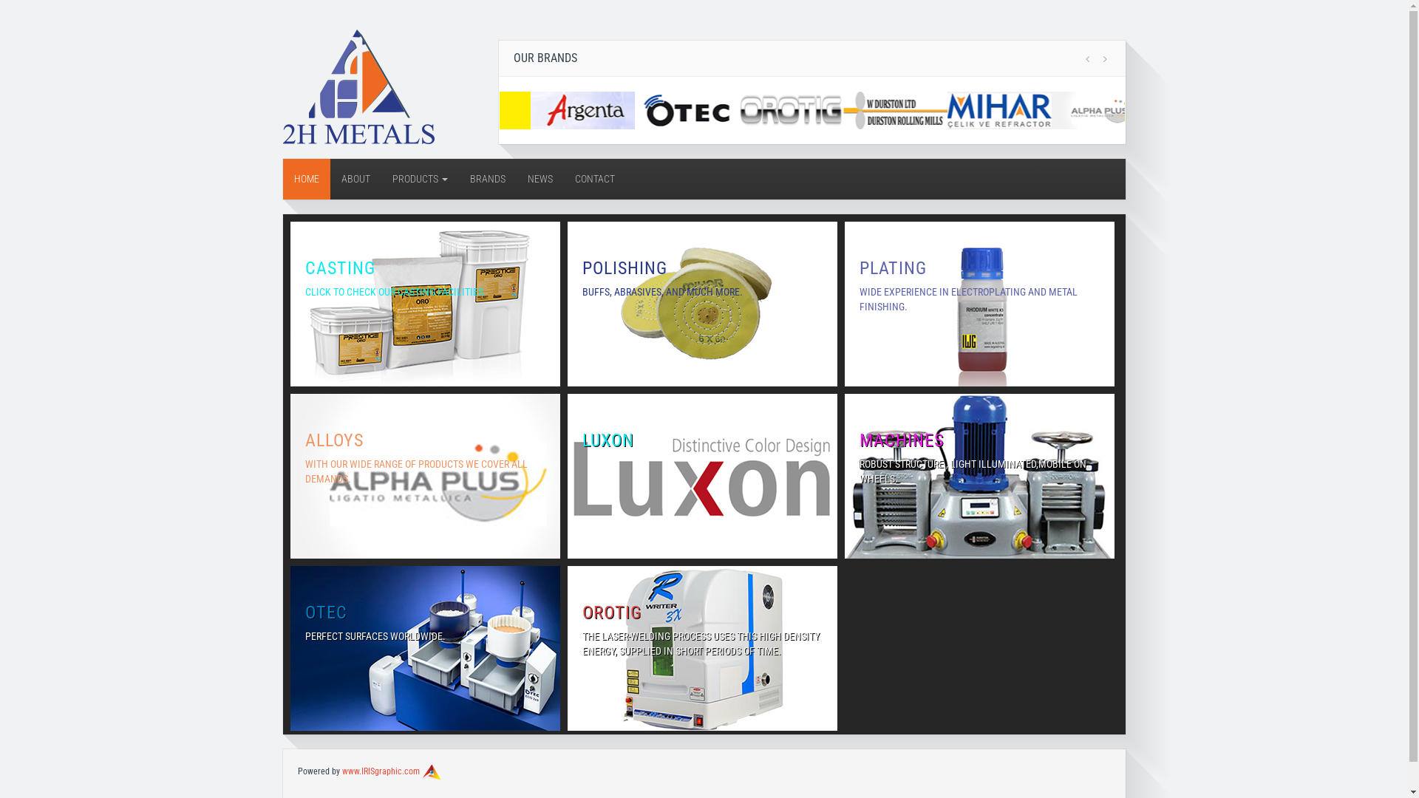 This screenshot has width=1419, height=798. Describe the element at coordinates (304, 178) in the screenshot. I see `'HOME'` at that location.